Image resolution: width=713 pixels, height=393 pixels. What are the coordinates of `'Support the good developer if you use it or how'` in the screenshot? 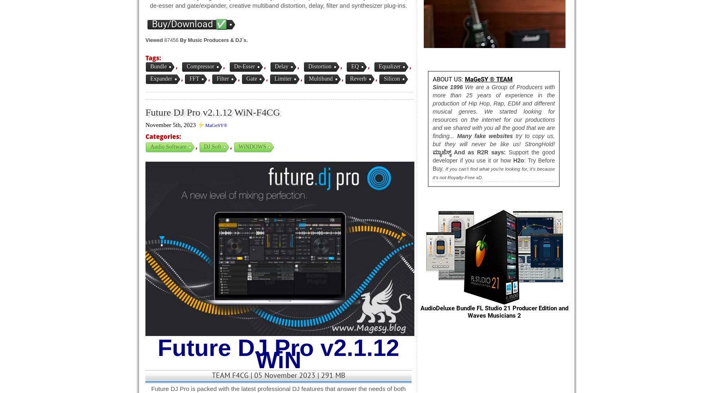 It's located at (494, 156).